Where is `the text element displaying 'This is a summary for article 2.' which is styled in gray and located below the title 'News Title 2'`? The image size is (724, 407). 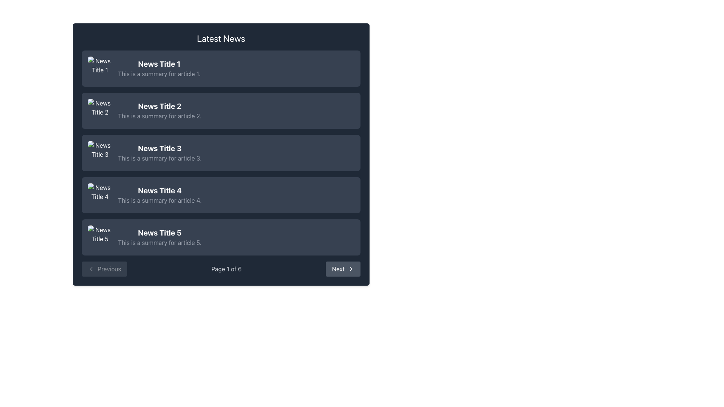
the text element displaying 'This is a summary for article 2.' which is styled in gray and located below the title 'News Title 2' is located at coordinates (159, 116).